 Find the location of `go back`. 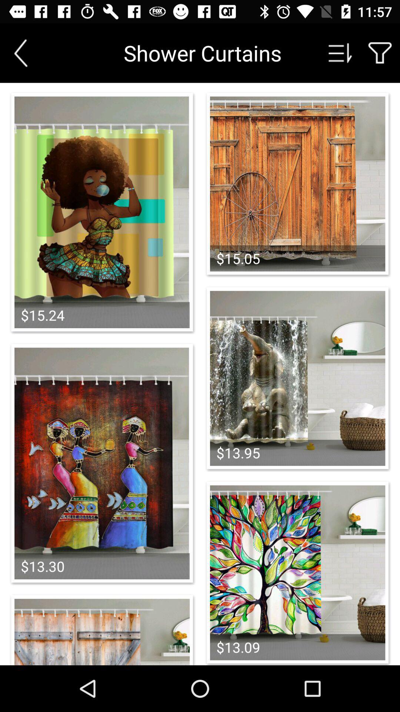

go back is located at coordinates (20, 53).